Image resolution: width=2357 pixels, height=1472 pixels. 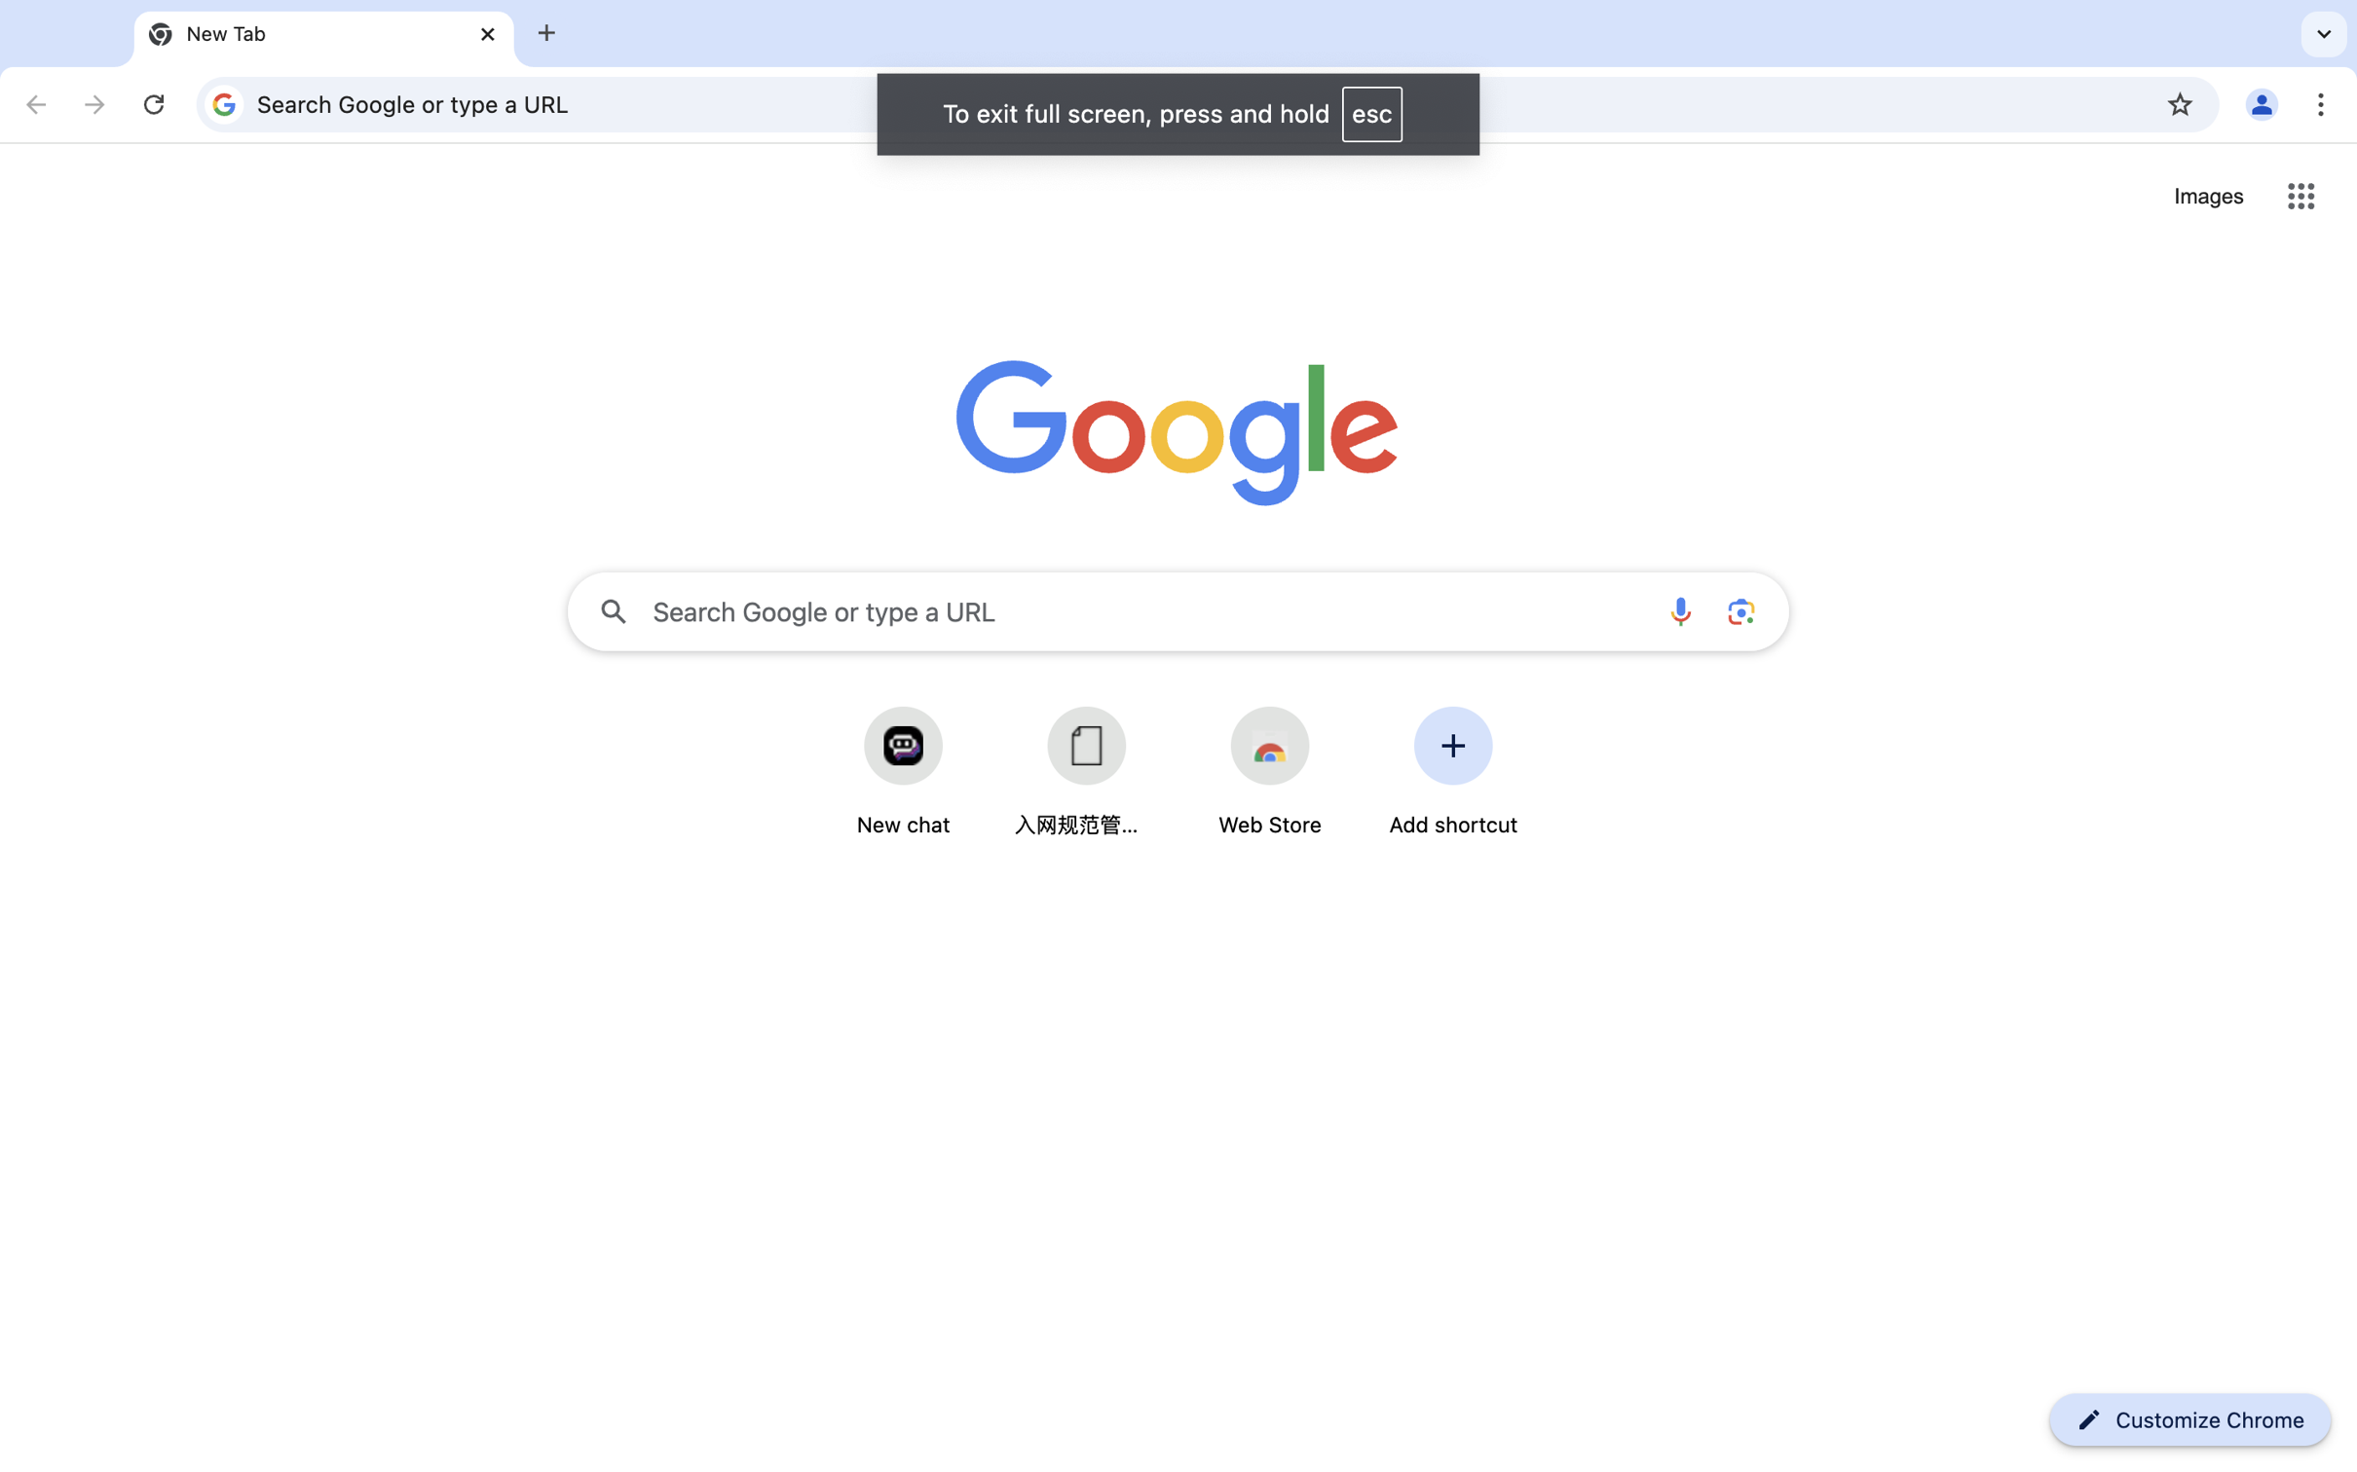 What do you see at coordinates (2208, 197) in the screenshot?
I see `'Images'` at bounding box center [2208, 197].